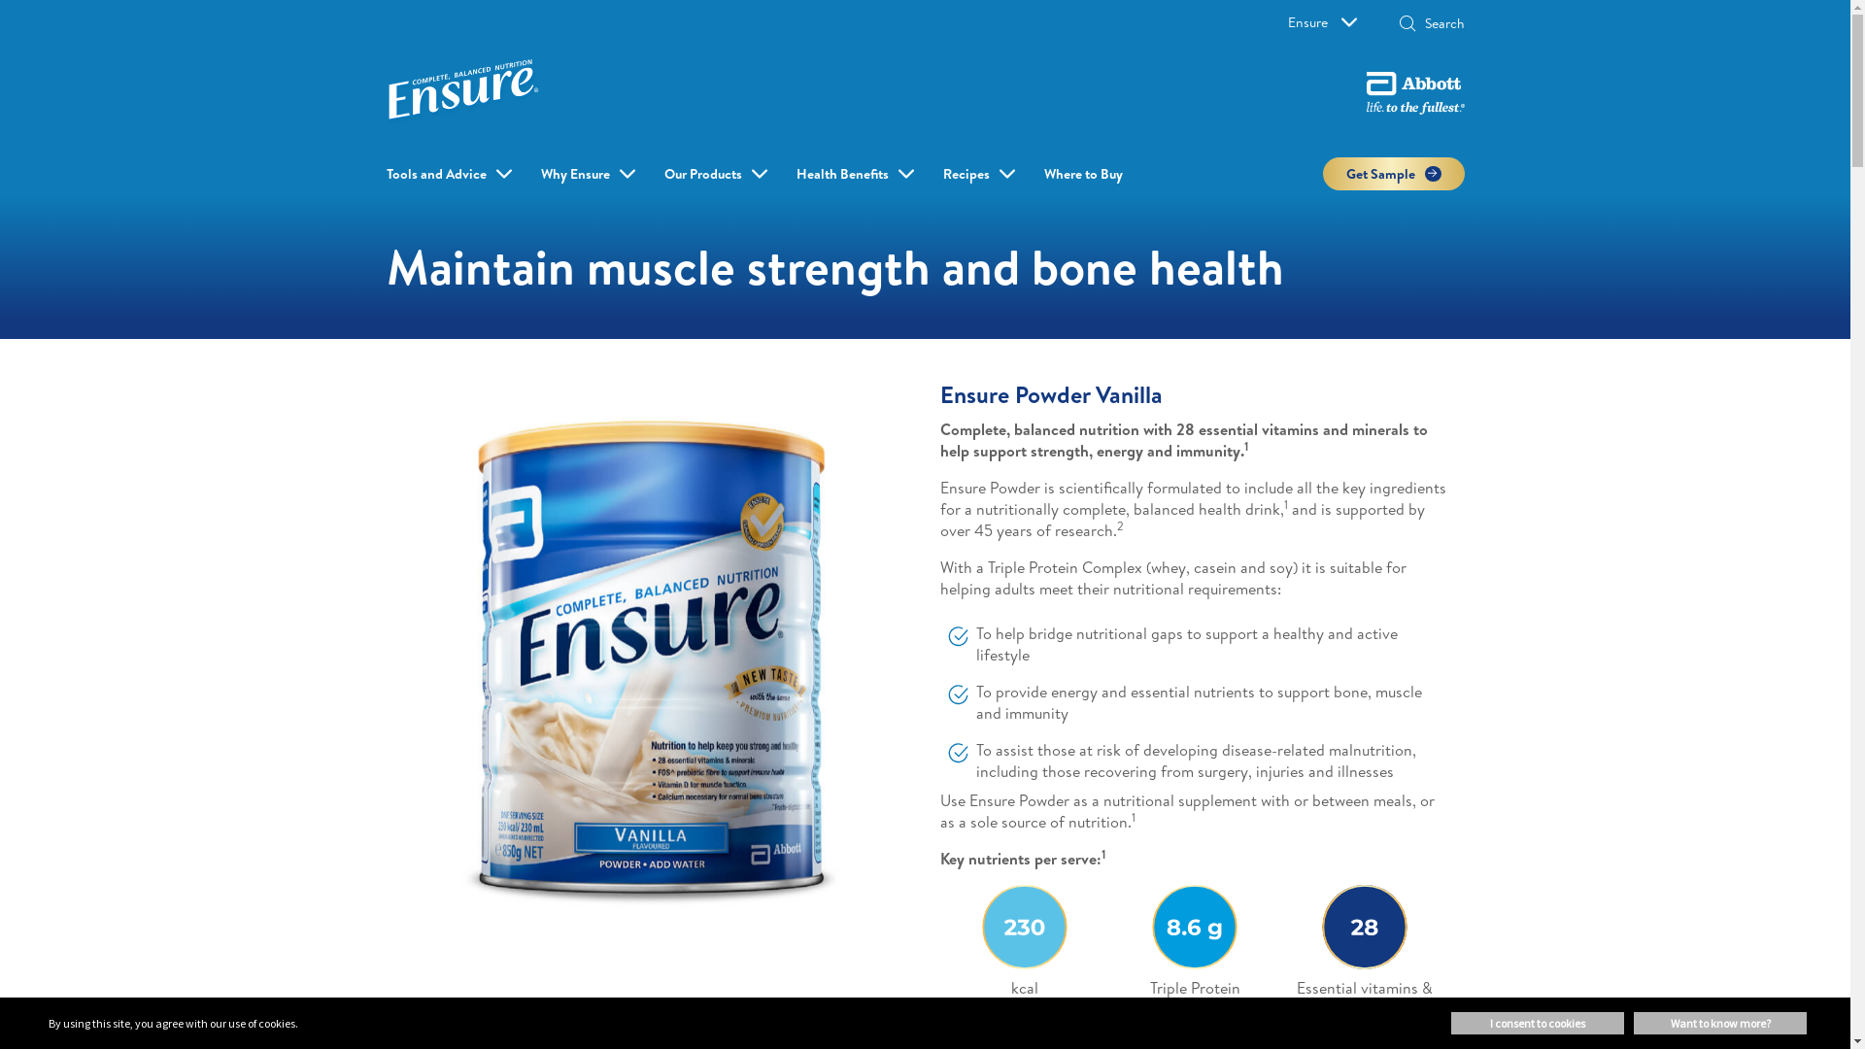  What do you see at coordinates (941, 172) in the screenshot?
I see `'Recipes'` at bounding box center [941, 172].